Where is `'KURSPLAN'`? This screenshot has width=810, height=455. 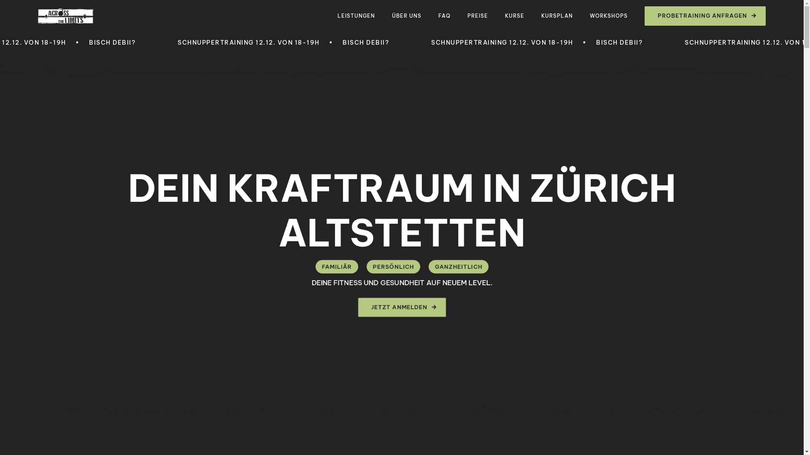
'KURSPLAN' is located at coordinates (565, 16).